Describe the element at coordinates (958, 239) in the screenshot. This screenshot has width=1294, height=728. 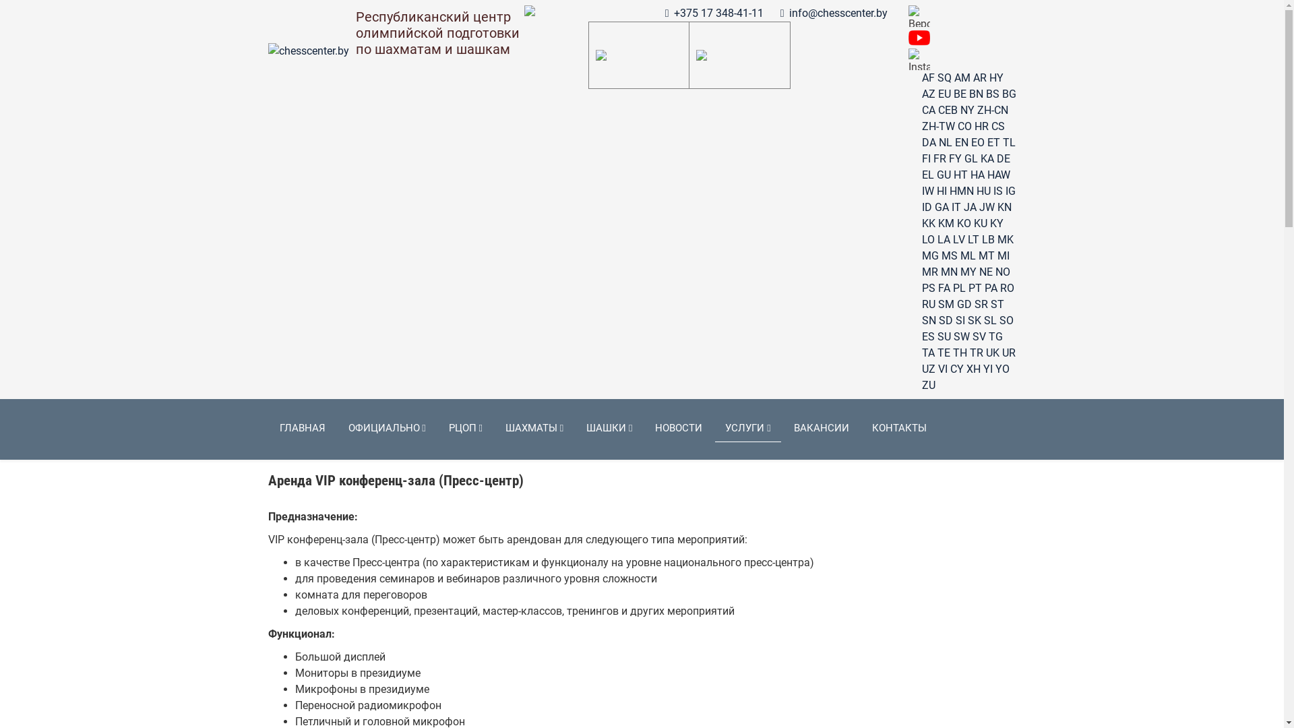
I see `'LV'` at that location.